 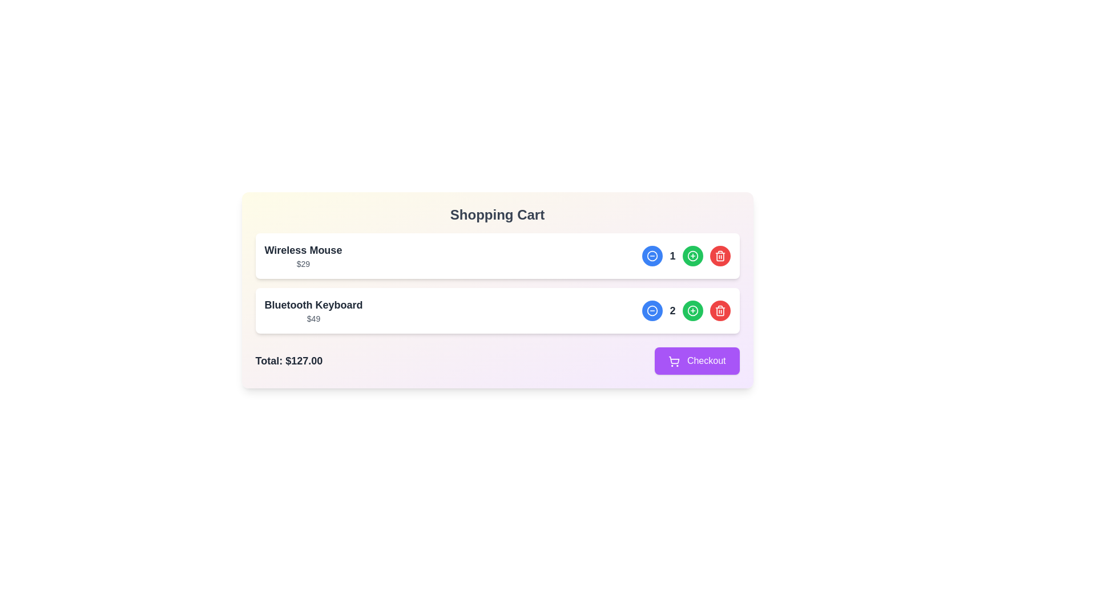 What do you see at coordinates (686, 310) in the screenshot?
I see `the dynamically changing count displayed as the number '2' in bold dark gray within the Bluetooth Keyboard item in the shopping cart, located between the green plus button and the blue minus button` at bounding box center [686, 310].